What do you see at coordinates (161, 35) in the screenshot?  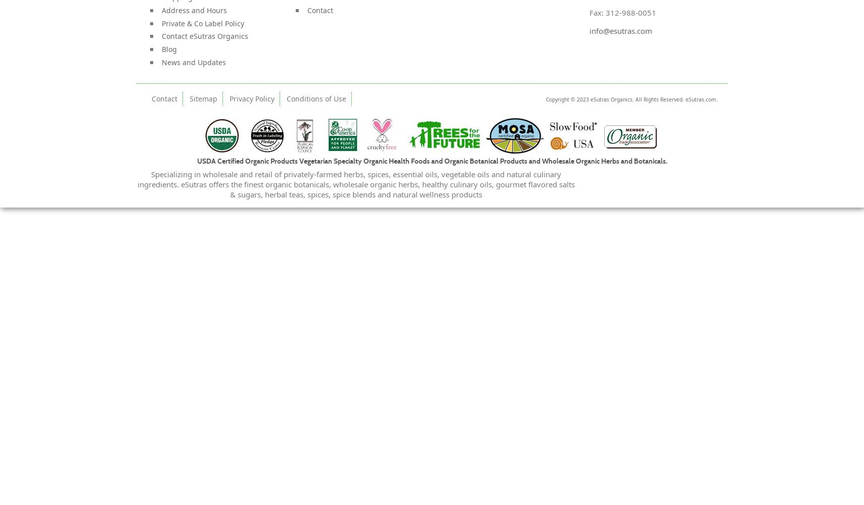 I see `'Contact eSutras Organics'` at bounding box center [161, 35].